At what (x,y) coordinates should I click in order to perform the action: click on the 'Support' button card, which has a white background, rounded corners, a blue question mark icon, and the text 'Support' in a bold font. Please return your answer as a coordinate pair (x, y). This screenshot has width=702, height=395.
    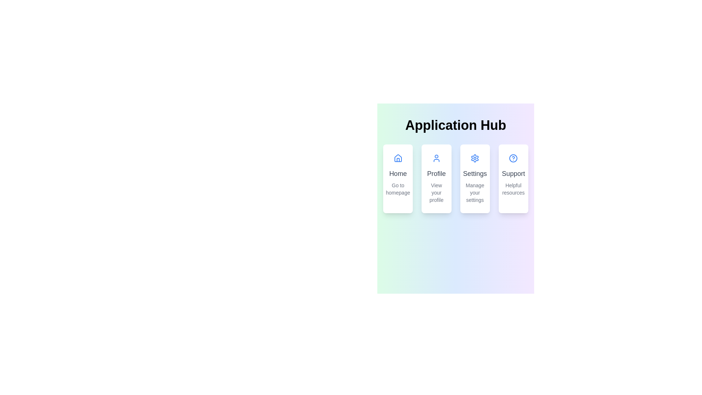
    Looking at the image, I should click on (513, 179).